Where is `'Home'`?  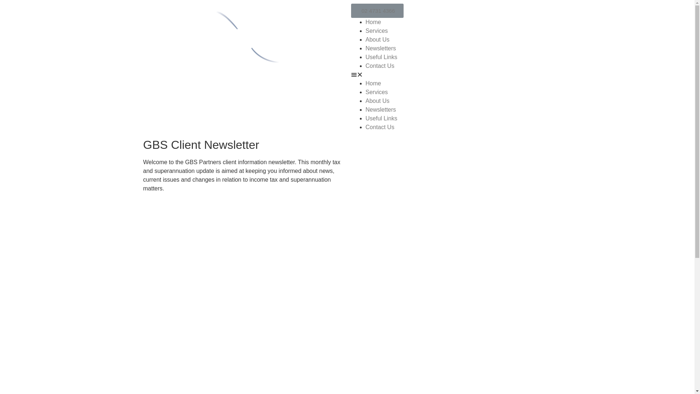
'Home' is located at coordinates (373, 22).